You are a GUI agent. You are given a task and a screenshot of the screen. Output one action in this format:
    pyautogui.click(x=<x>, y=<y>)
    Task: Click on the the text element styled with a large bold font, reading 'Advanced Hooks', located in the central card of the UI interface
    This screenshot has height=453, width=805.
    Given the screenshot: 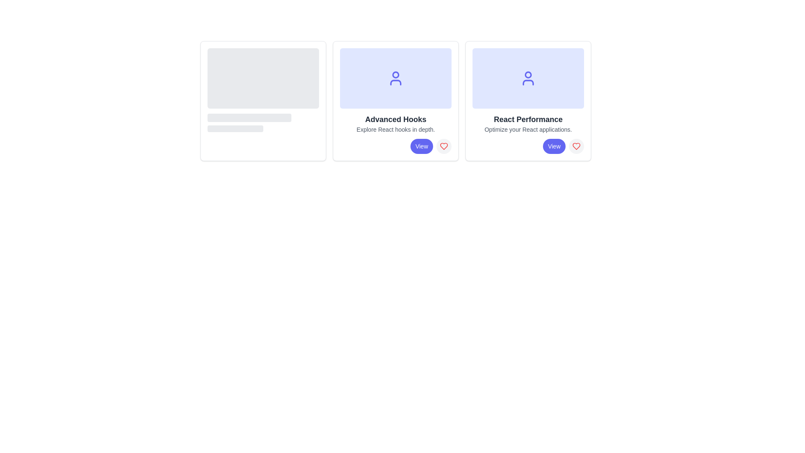 What is the action you would take?
    pyautogui.click(x=395, y=120)
    